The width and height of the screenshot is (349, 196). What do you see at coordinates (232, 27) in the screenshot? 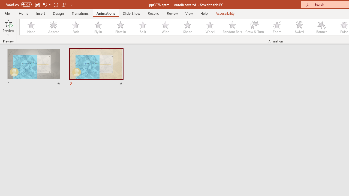
I see `'Random Bars'` at bounding box center [232, 27].